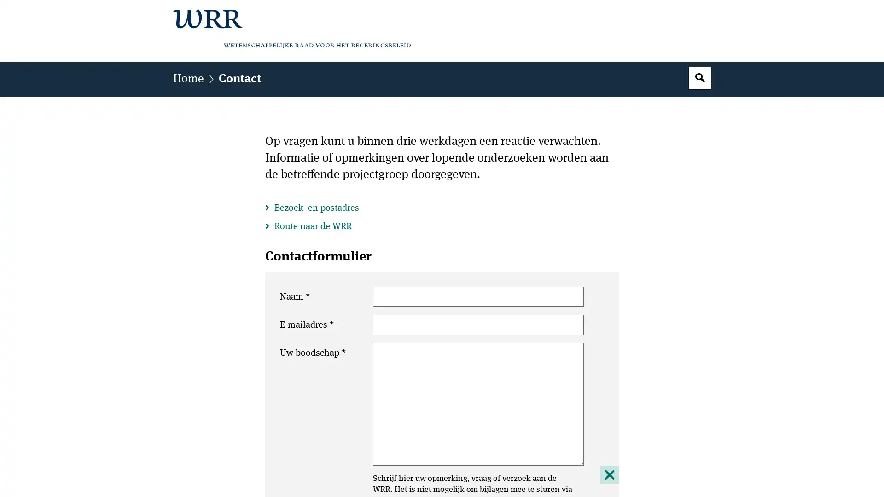  I want to click on Open zoekveld, so click(700, 77).